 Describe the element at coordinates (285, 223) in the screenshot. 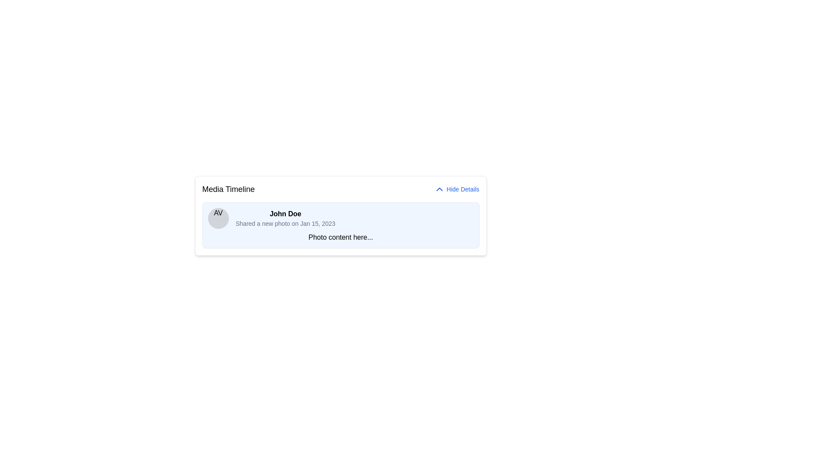

I see `the text block that describes the activity of user 'John Doe' sharing a photo, located directly under the user's name in the timeline card layout` at that location.